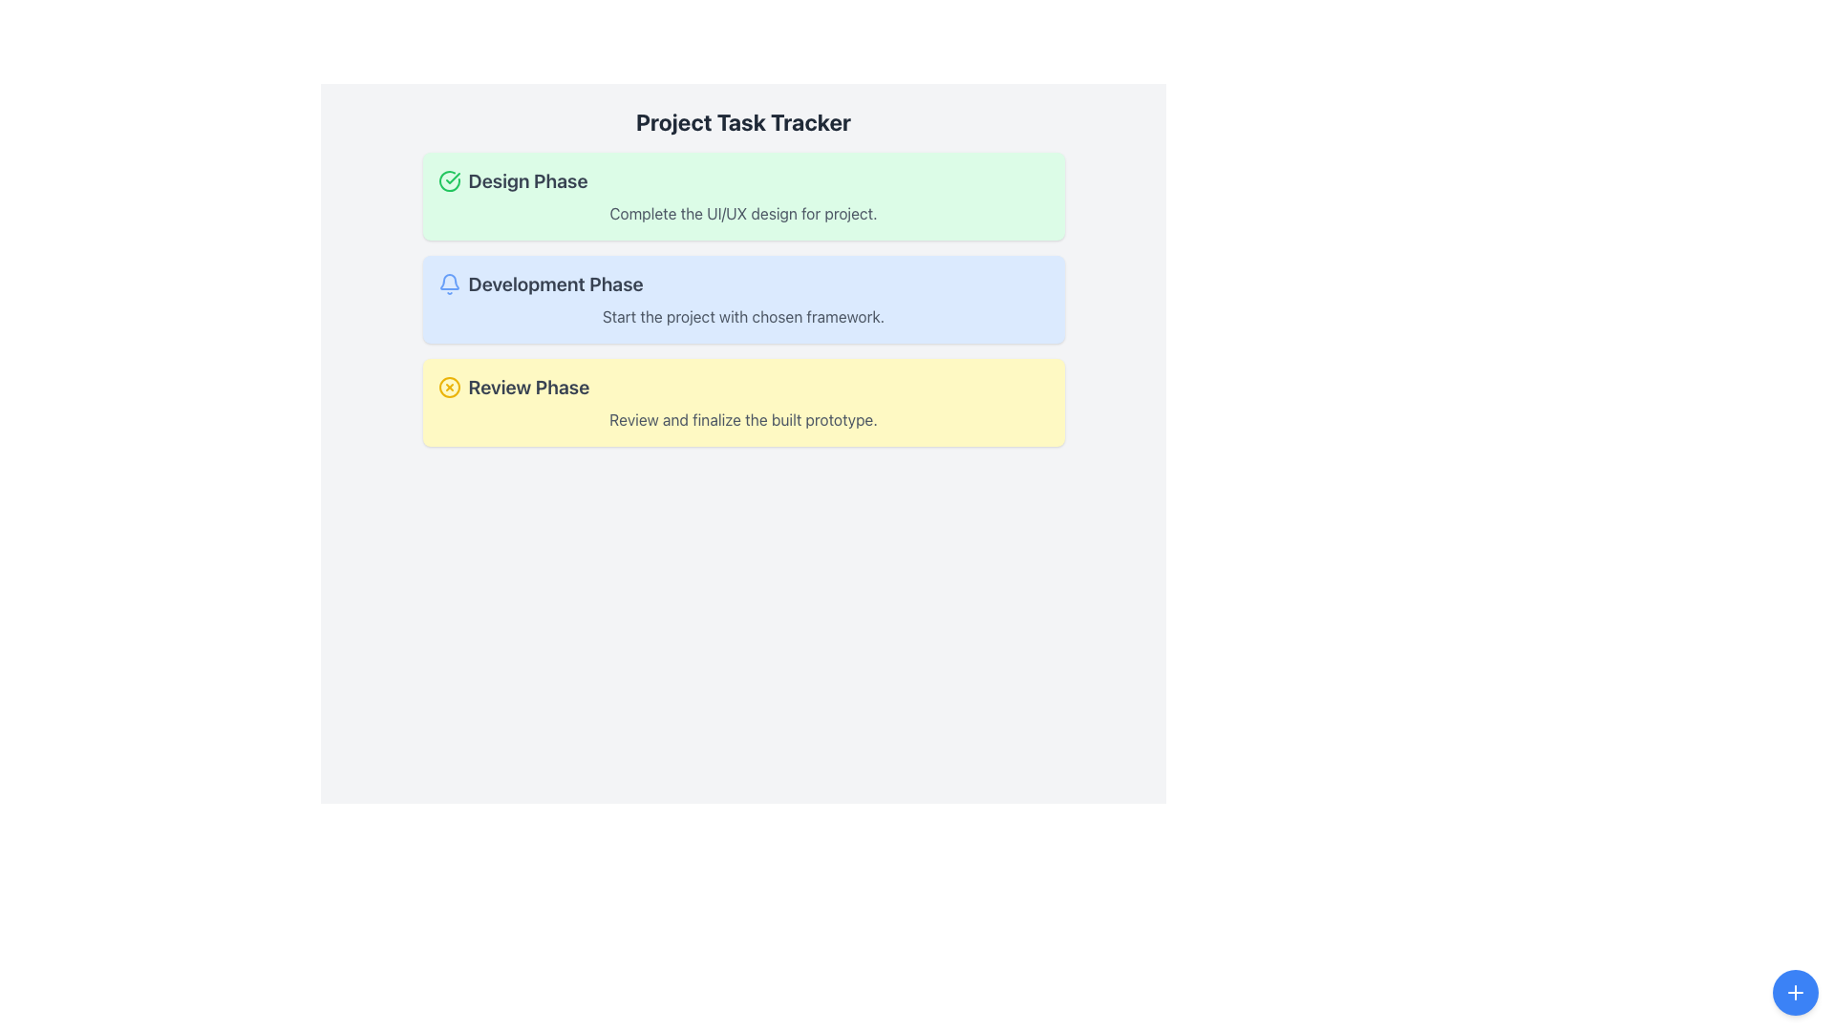  What do you see at coordinates (742, 196) in the screenshot?
I see `the 'Design Phase' informational card, which indicates progress in the project tracker and is the first item in a vertical list` at bounding box center [742, 196].